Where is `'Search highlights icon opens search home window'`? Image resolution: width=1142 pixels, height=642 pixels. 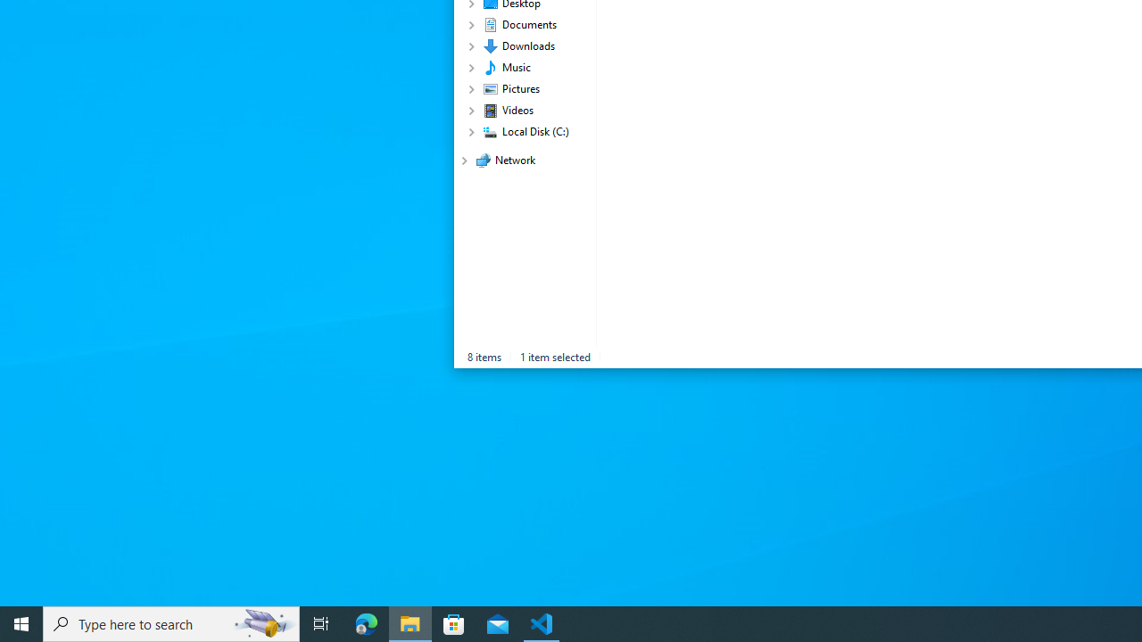 'Search highlights icon opens search home window' is located at coordinates (262, 622).